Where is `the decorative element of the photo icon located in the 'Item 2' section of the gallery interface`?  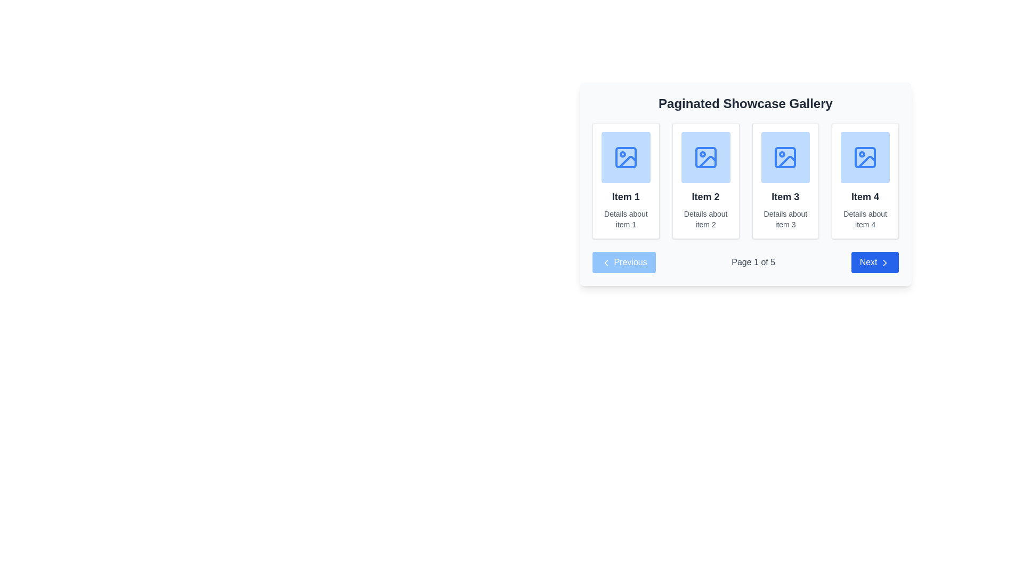 the decorative element of the photo icon located in the 'Item 2' section of the gallery interface is located at coordinates (705, 158).